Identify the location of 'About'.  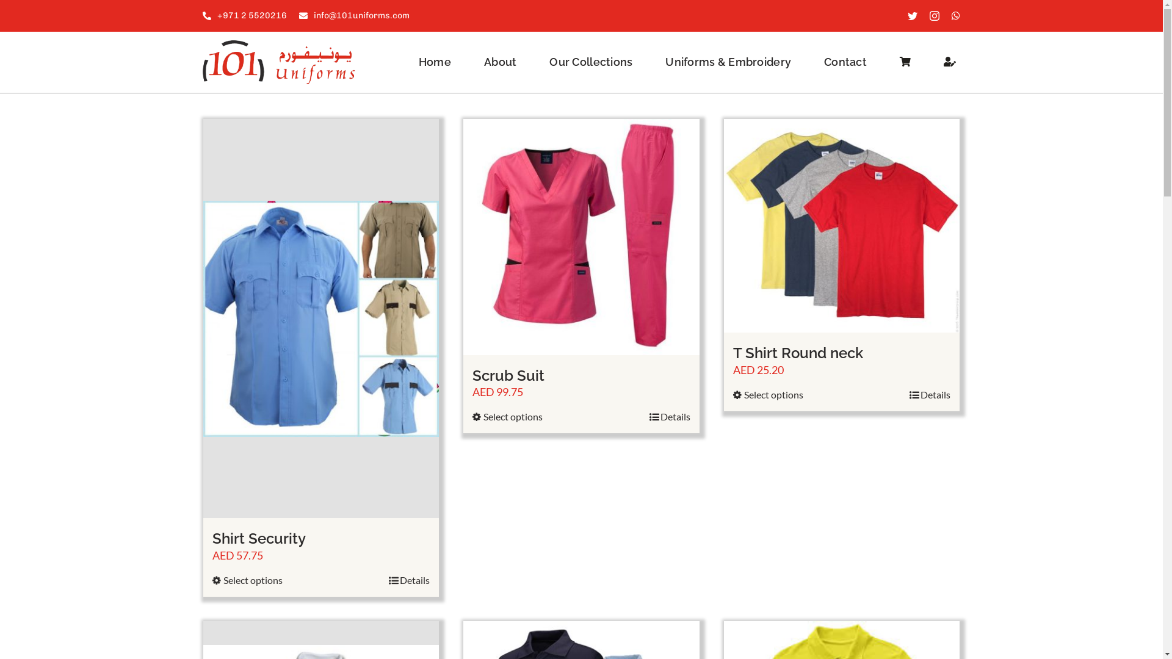
(500, 62).